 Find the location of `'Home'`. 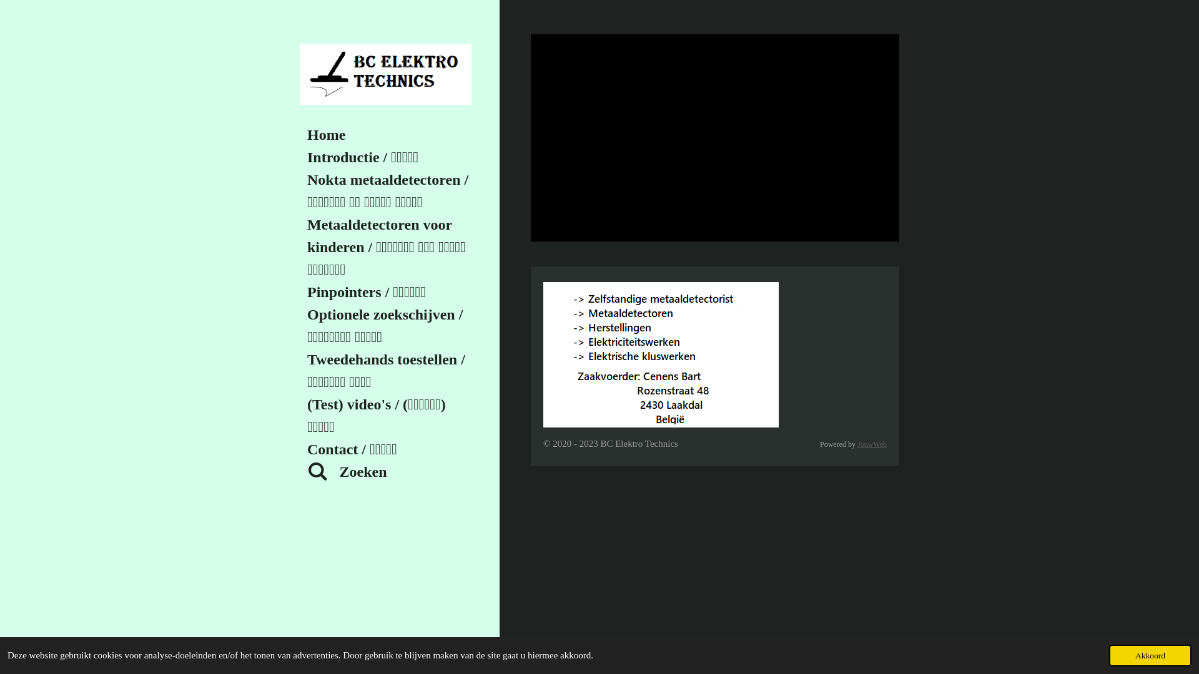

'Home' is located at coordinates (300, 135).